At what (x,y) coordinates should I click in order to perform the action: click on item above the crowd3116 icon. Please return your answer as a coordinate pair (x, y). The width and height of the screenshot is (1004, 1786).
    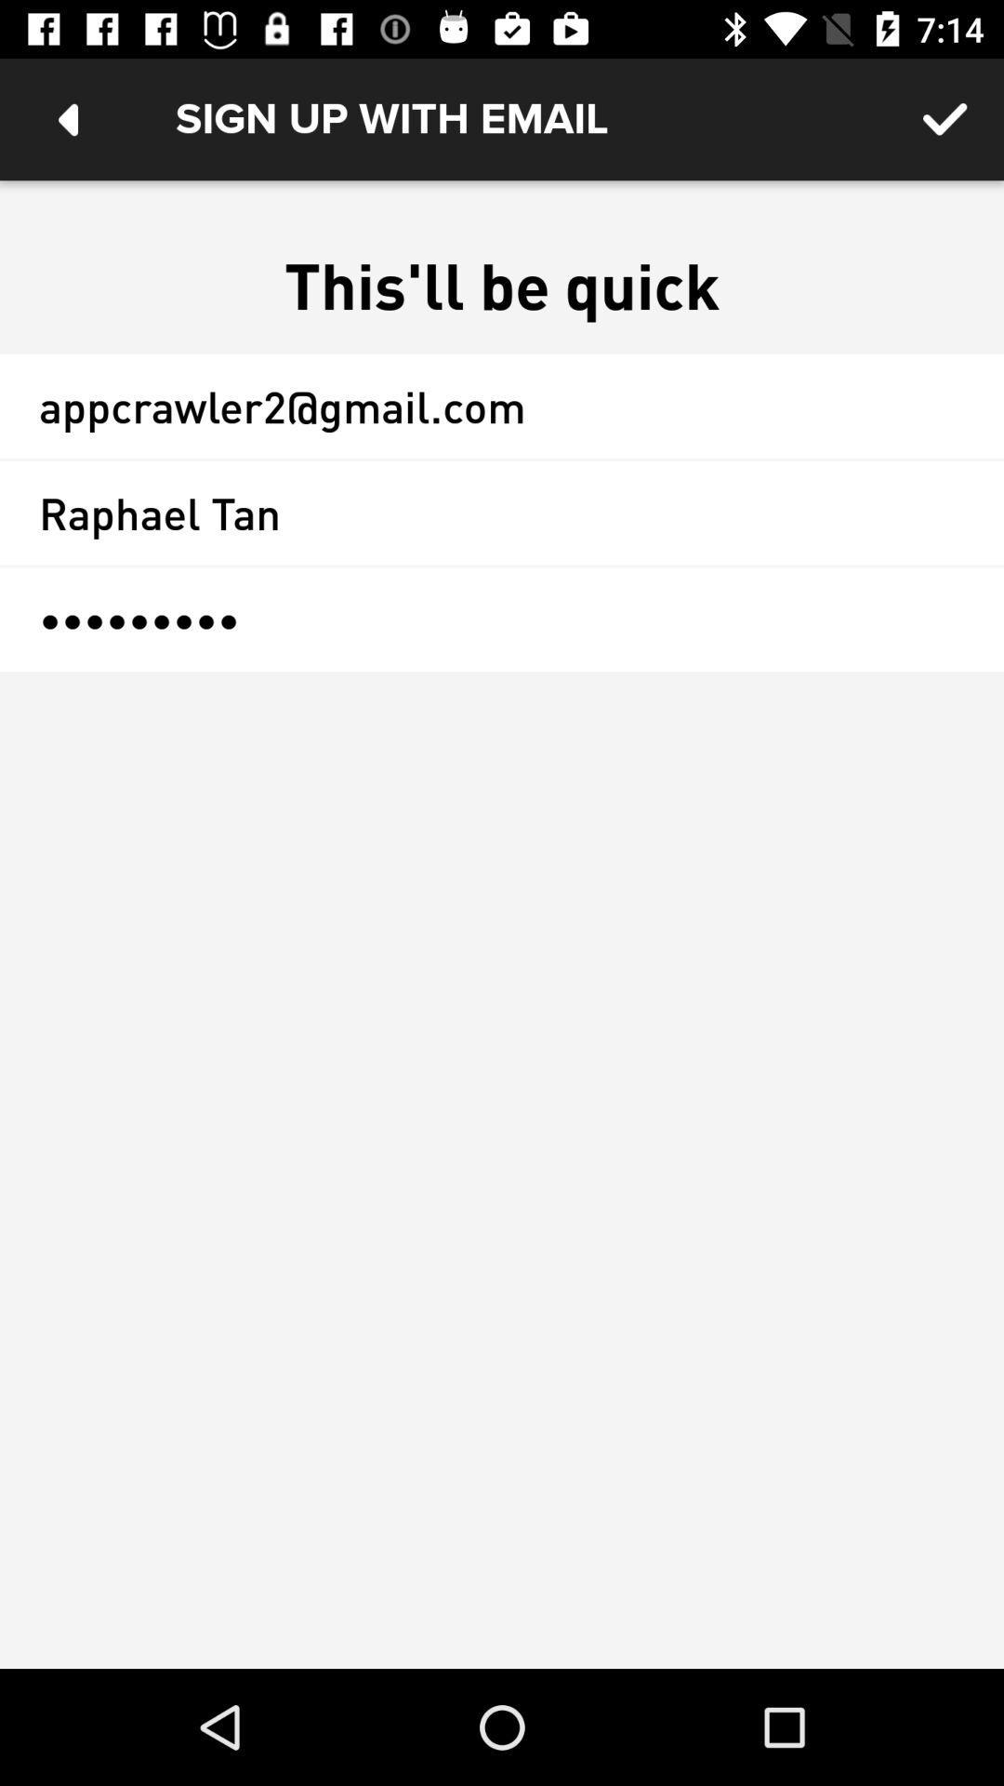
    Looking at the image, I should click on (502, 513).